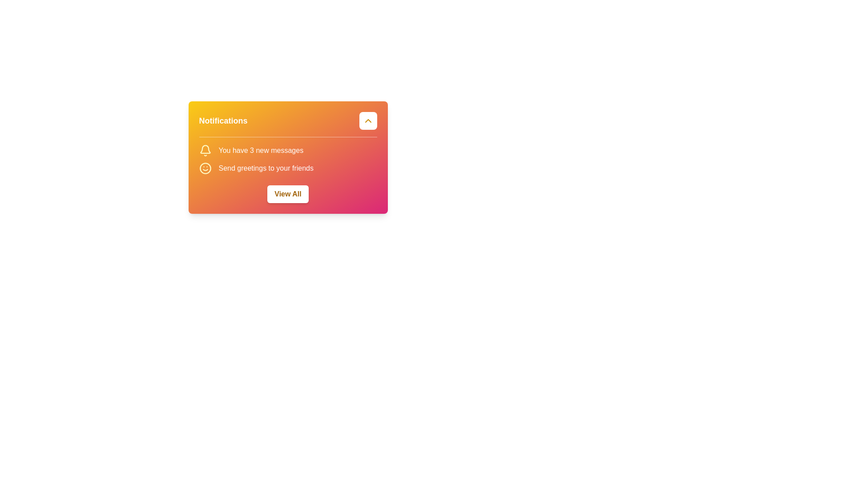 This screenshot has width=854, height=480. Describe the element at coordinates (260, 150) in the screenshot. I see `the text label displaying 'You have 3 new messages' within the notification widget, located under the title 'Notifications'` at that location.